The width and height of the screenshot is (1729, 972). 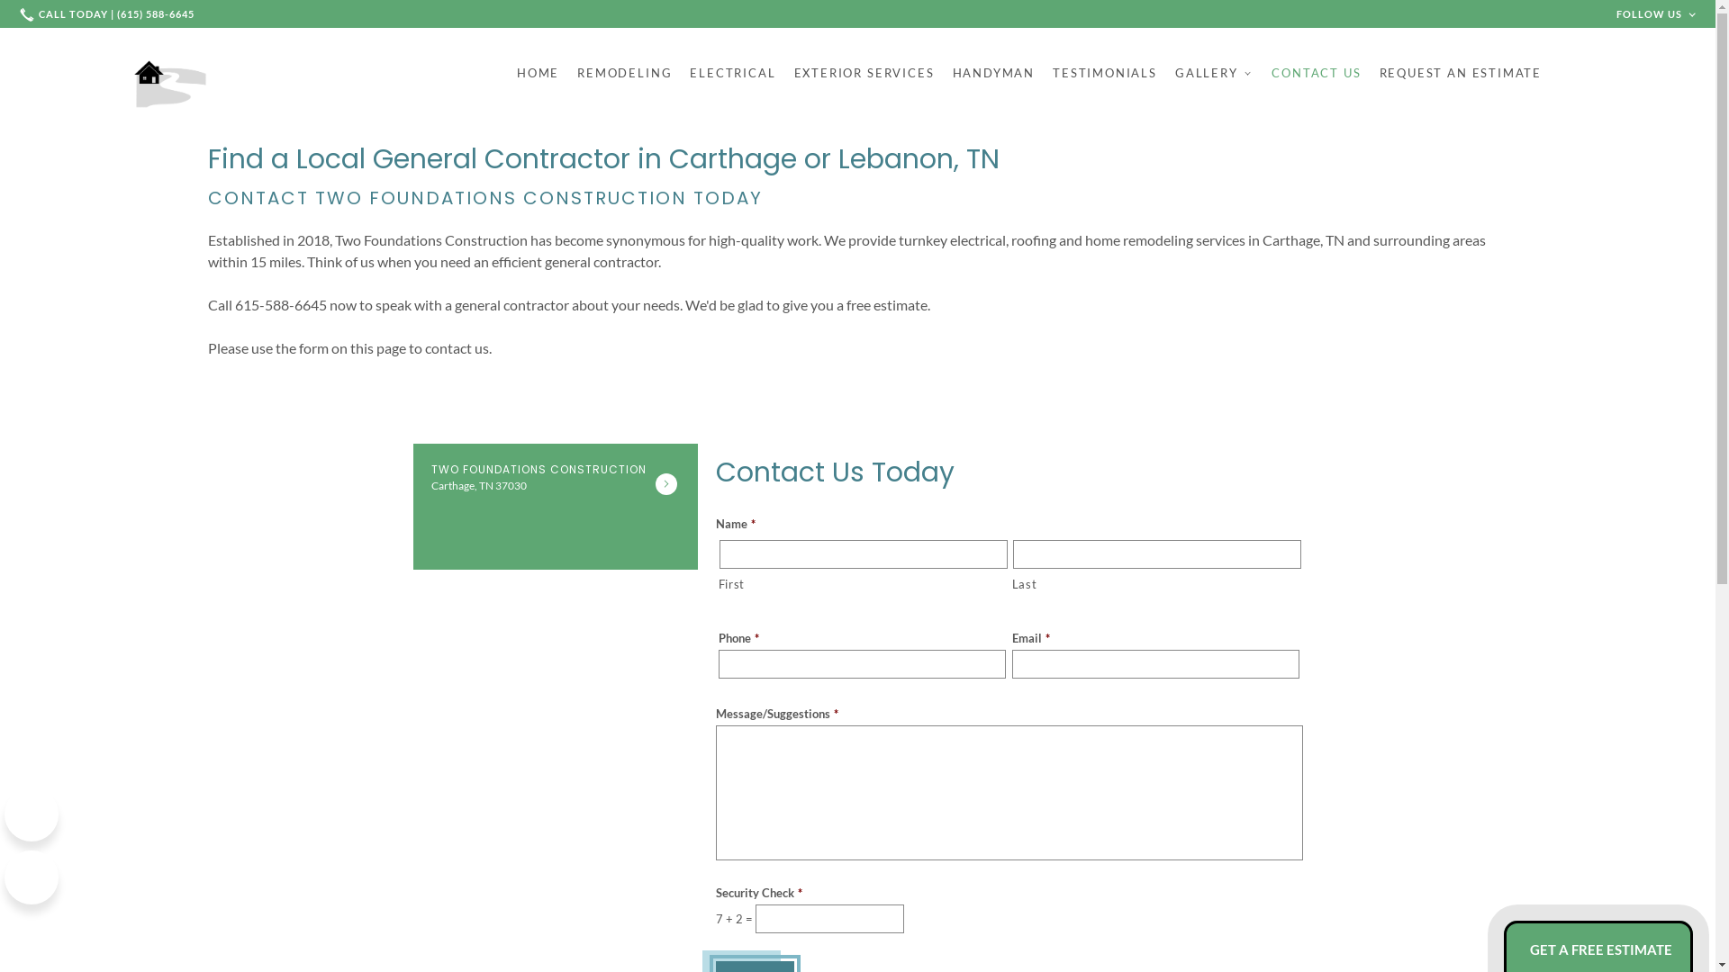 What do you see at coordinates (1598, 949) in the screenshot?
I see `'  GET A FREE ESTIMATE'` at bounding box center [1598, 949].